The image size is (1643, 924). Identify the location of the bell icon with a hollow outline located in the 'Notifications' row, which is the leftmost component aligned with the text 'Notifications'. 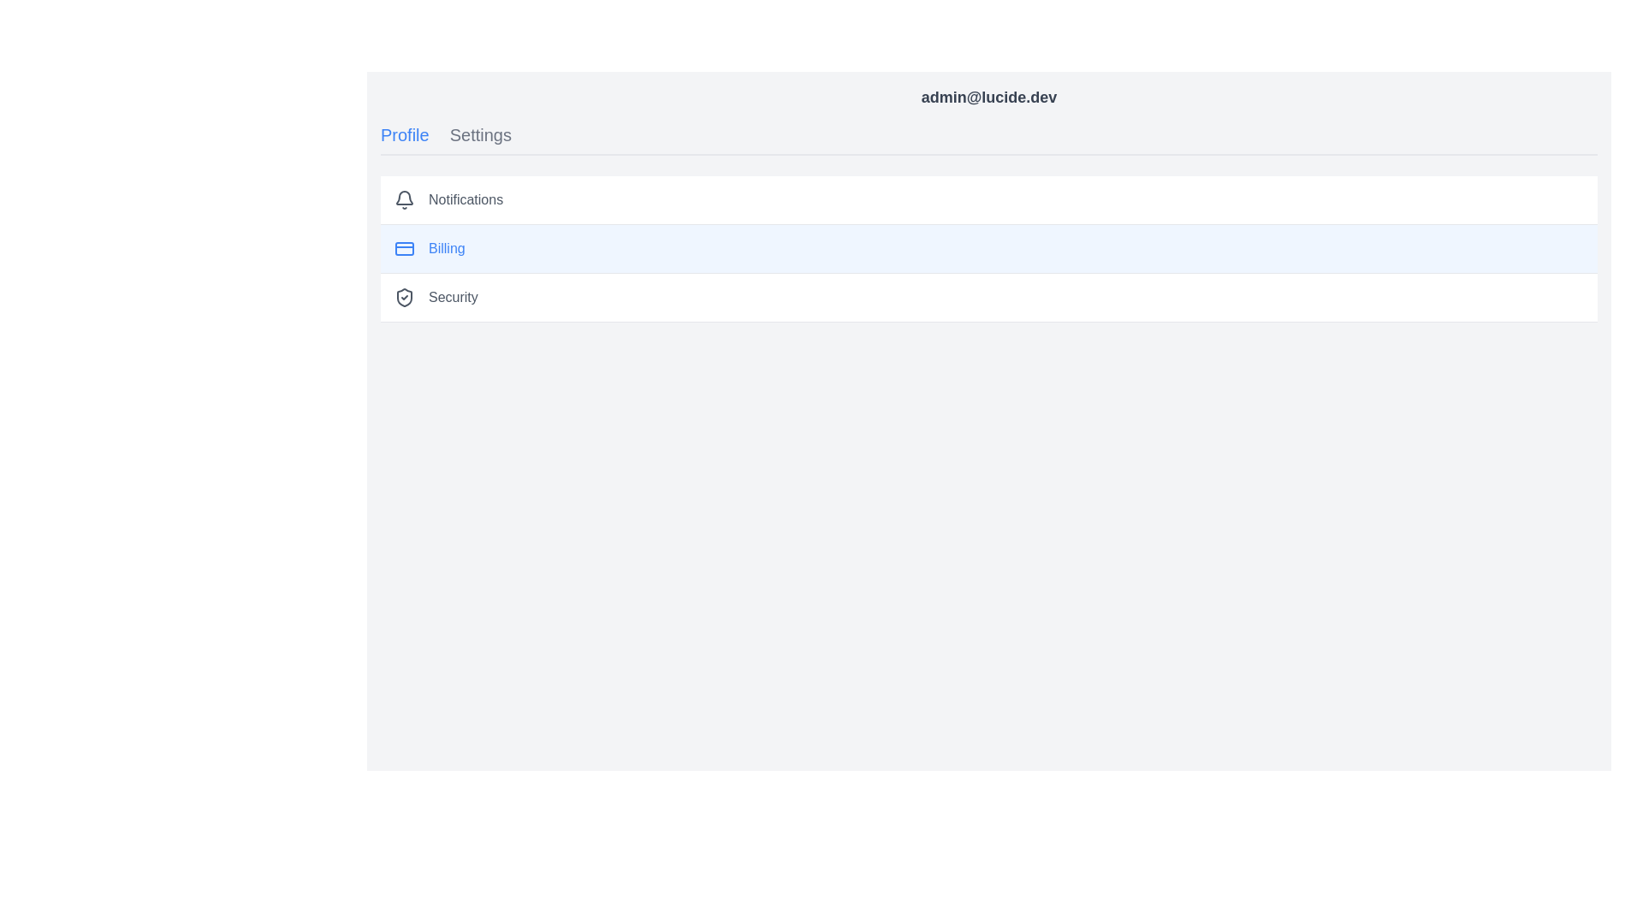
(404, 199).